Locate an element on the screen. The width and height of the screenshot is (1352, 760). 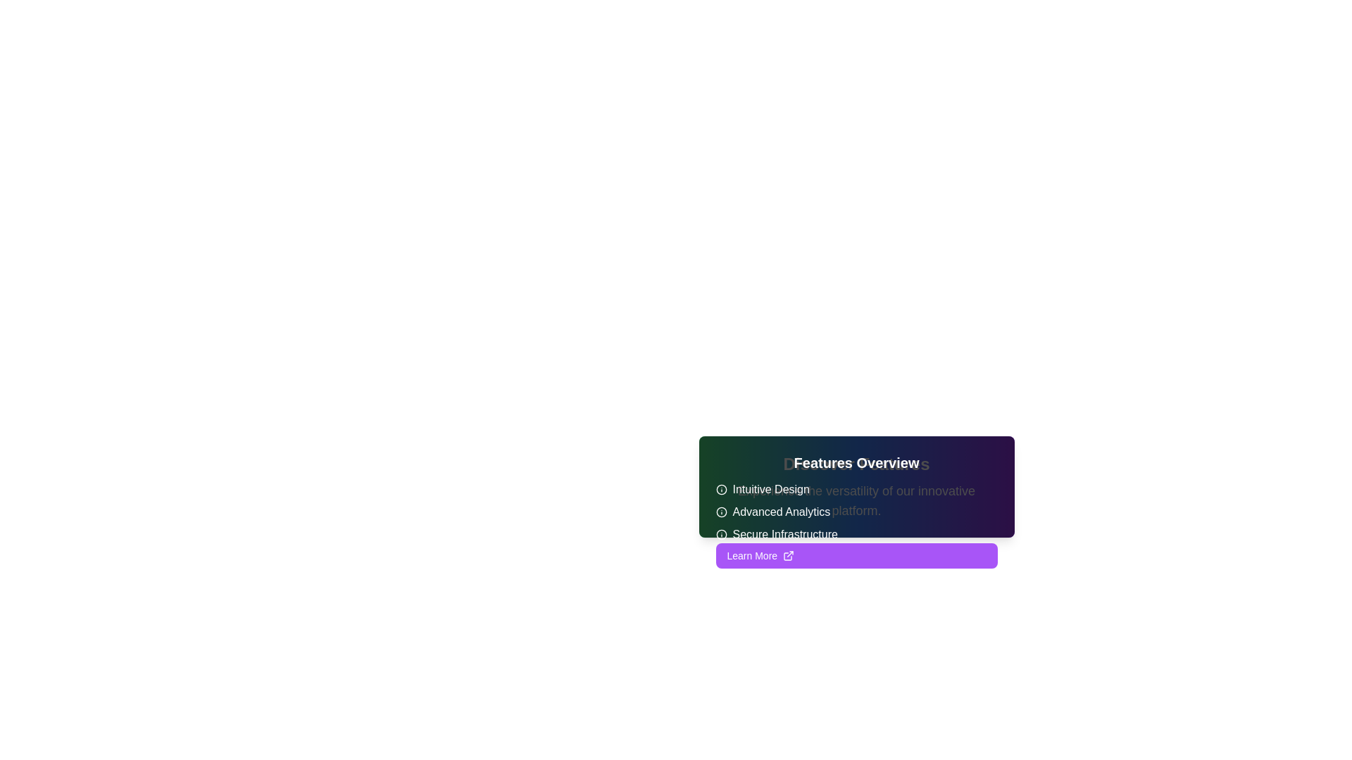
header text displaying 'Features Overview' which is styled in a large, bold font and positioned at the top-center of the card-like section is located at coordinates (856, 463).